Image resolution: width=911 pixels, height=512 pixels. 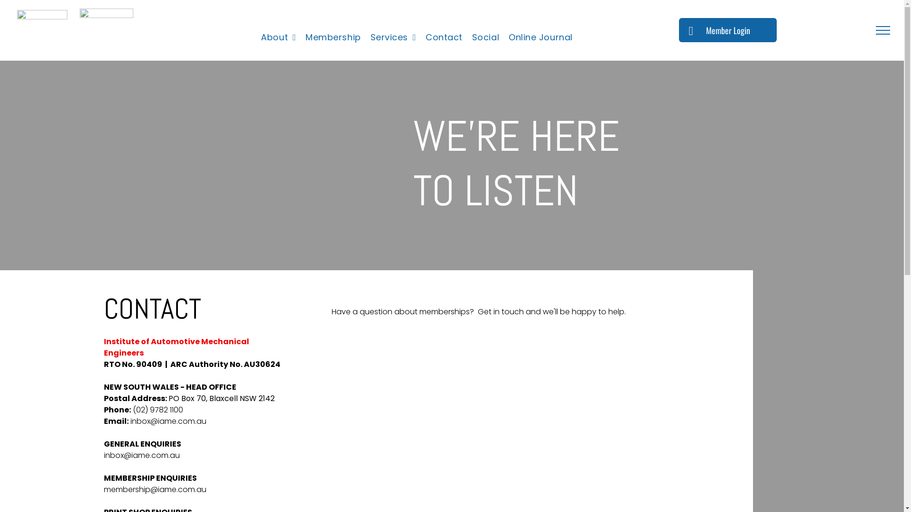 I want to click on 'Contact', so click(x=444, y=37).